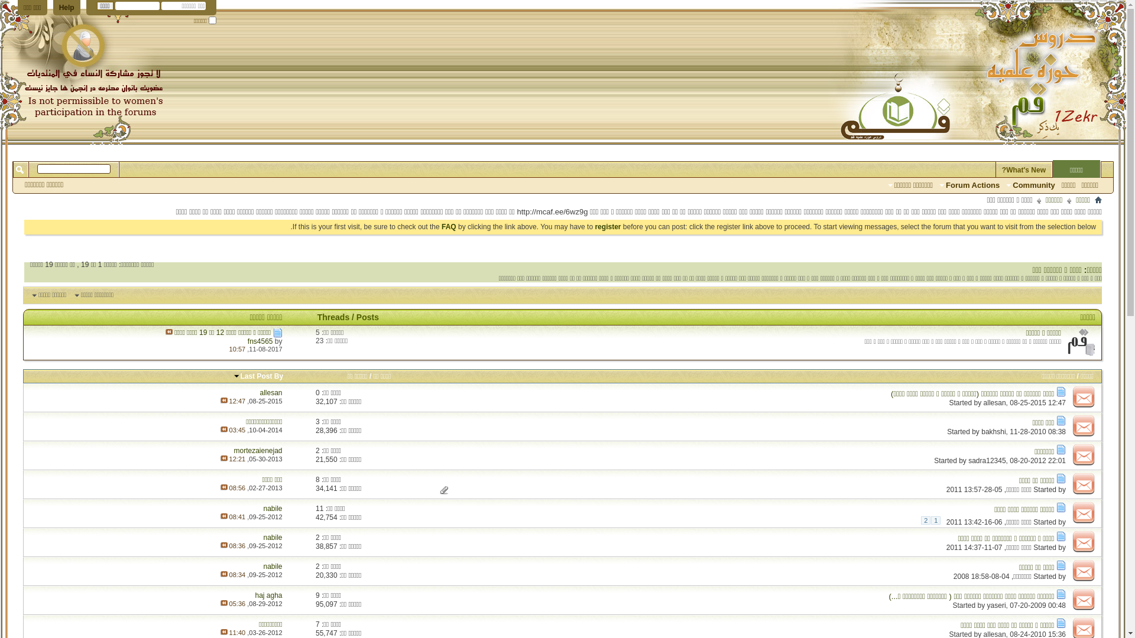  Describe the element at coordinates (272, 507) in the screenshot. I see `'nabile'` at that location.